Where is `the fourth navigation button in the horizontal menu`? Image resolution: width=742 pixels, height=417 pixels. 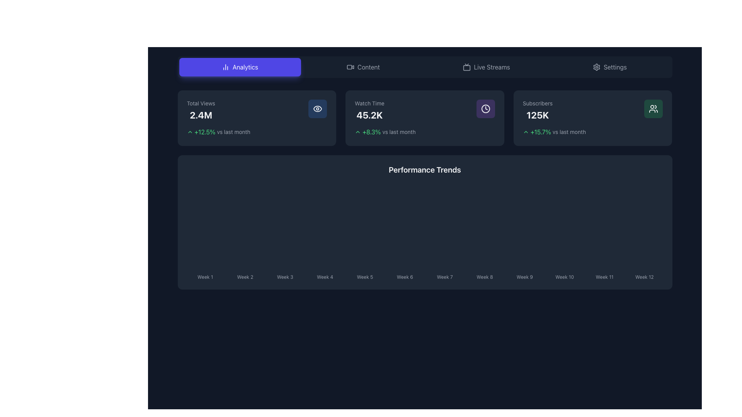
the fourth navigation button in the horizontal menu is located at coordinates (609, 66).